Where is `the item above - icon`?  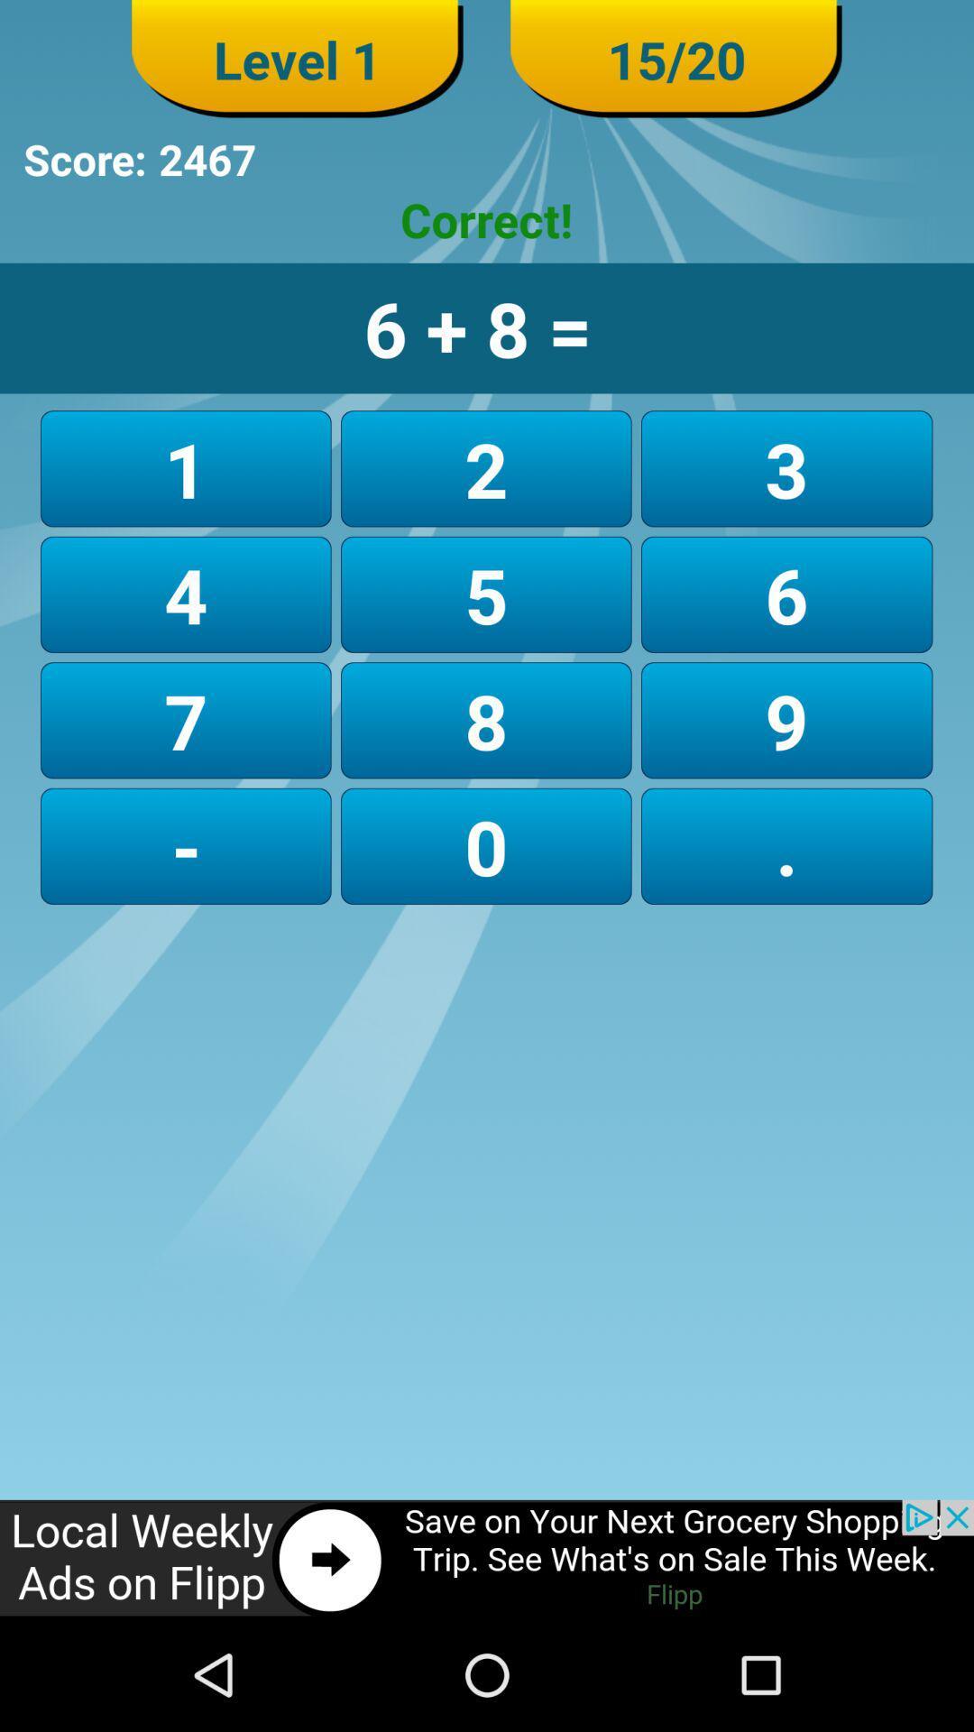
the item above - icon is located at coordinates (186, 719).